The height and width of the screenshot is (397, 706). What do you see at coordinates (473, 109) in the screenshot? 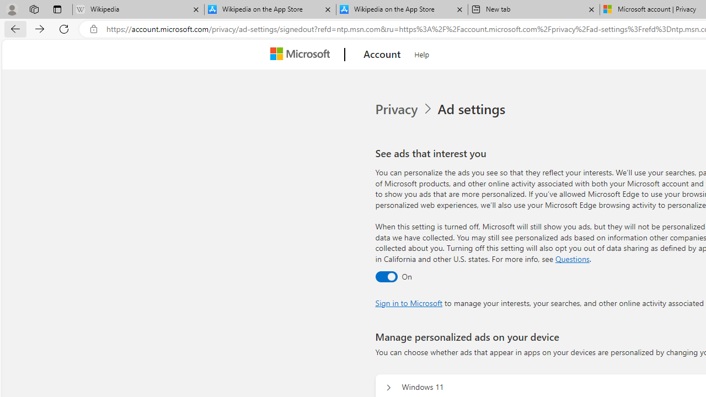
I see `'Ad settings'` at bounding box center [473, 109].